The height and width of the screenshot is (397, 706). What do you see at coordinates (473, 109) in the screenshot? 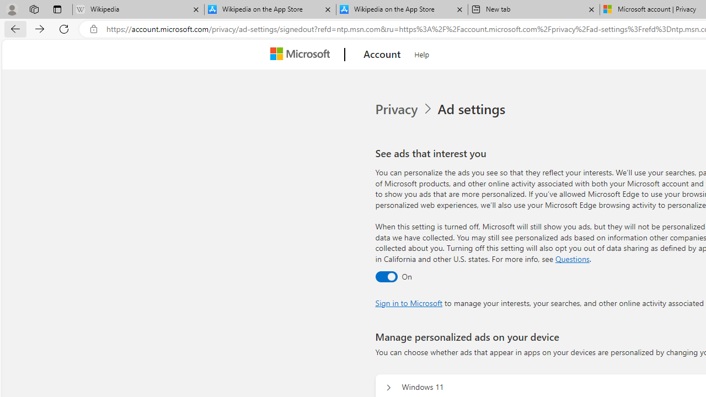
I see `'Ad settings'` at bounding box center [473, 109].